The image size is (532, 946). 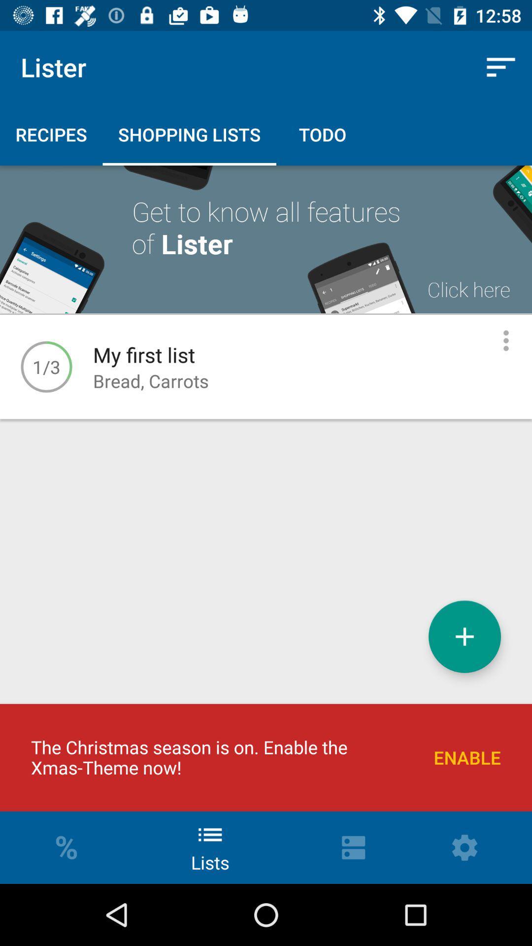 What do you see at coordinates (506, 340) in the screenshot?
I see `more options` at bounding box center [506, 340].